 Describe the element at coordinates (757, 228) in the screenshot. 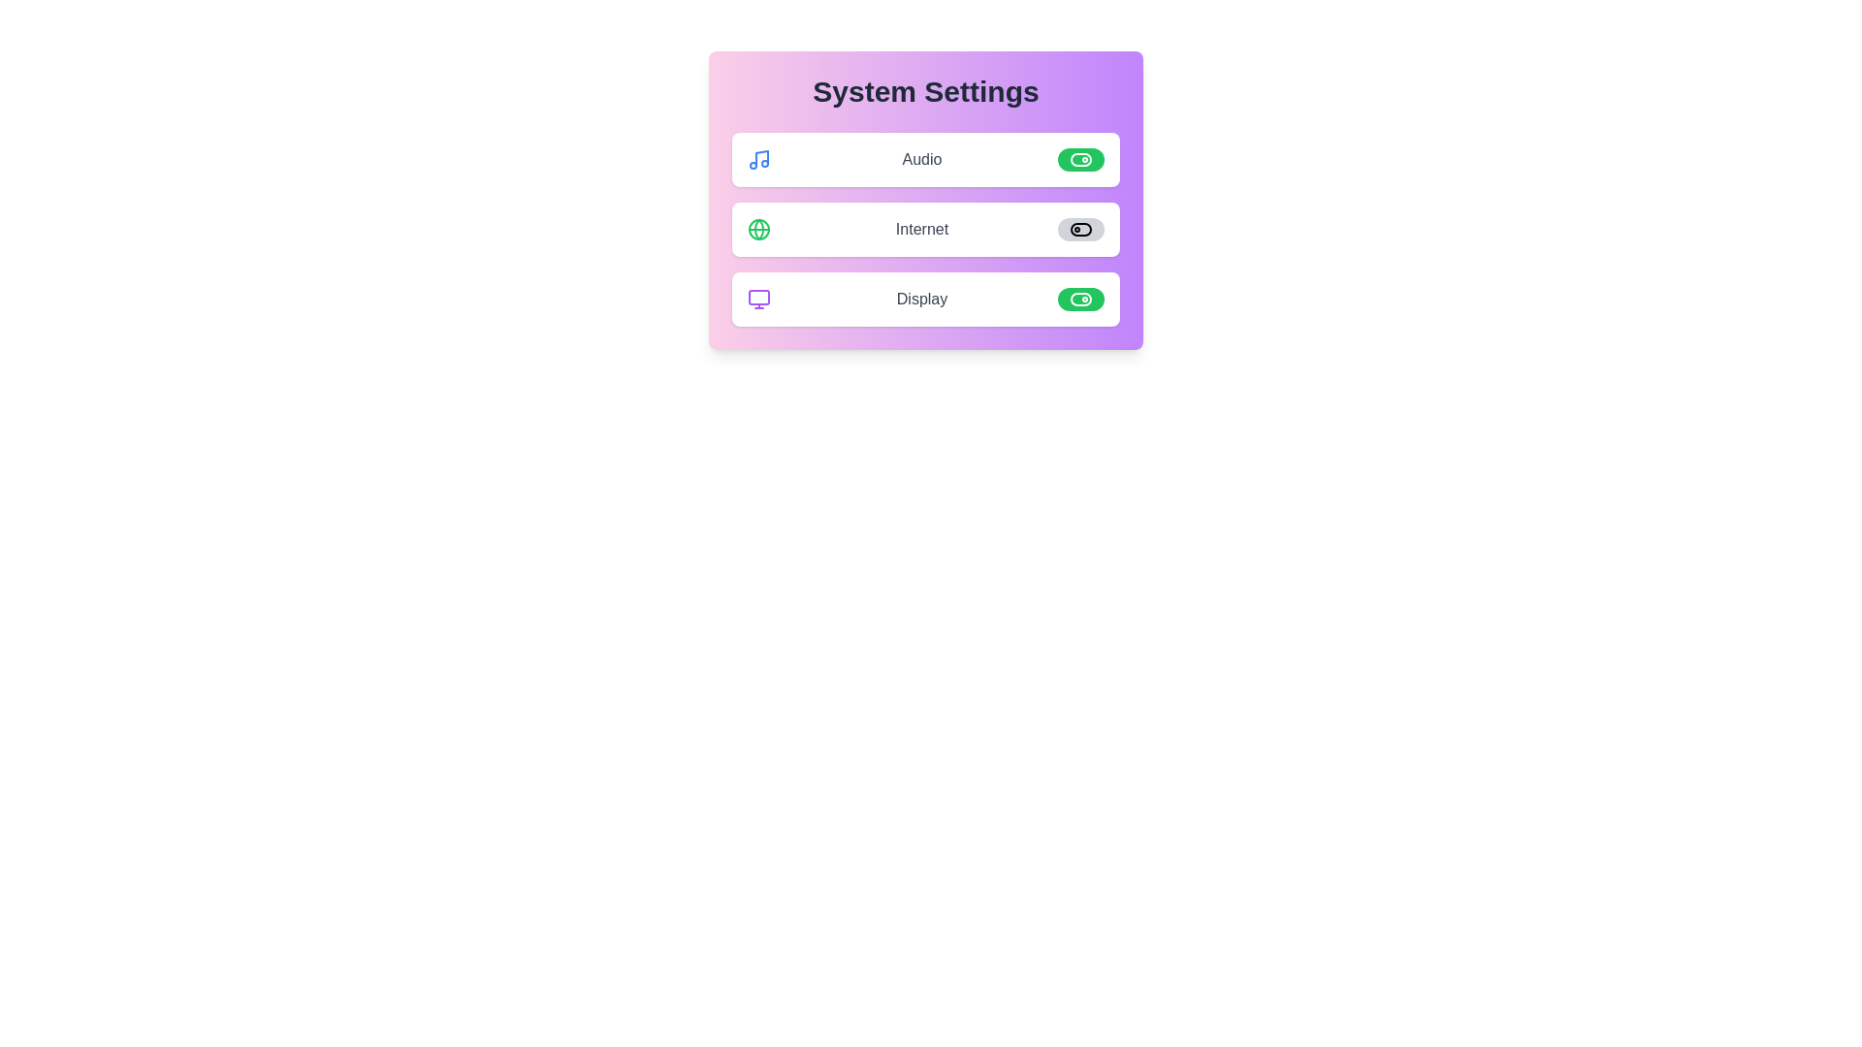

I see `the decorative circle SVG element that represents the 'Internet' setting in the second row of the 'System Settings' interface` at that location.